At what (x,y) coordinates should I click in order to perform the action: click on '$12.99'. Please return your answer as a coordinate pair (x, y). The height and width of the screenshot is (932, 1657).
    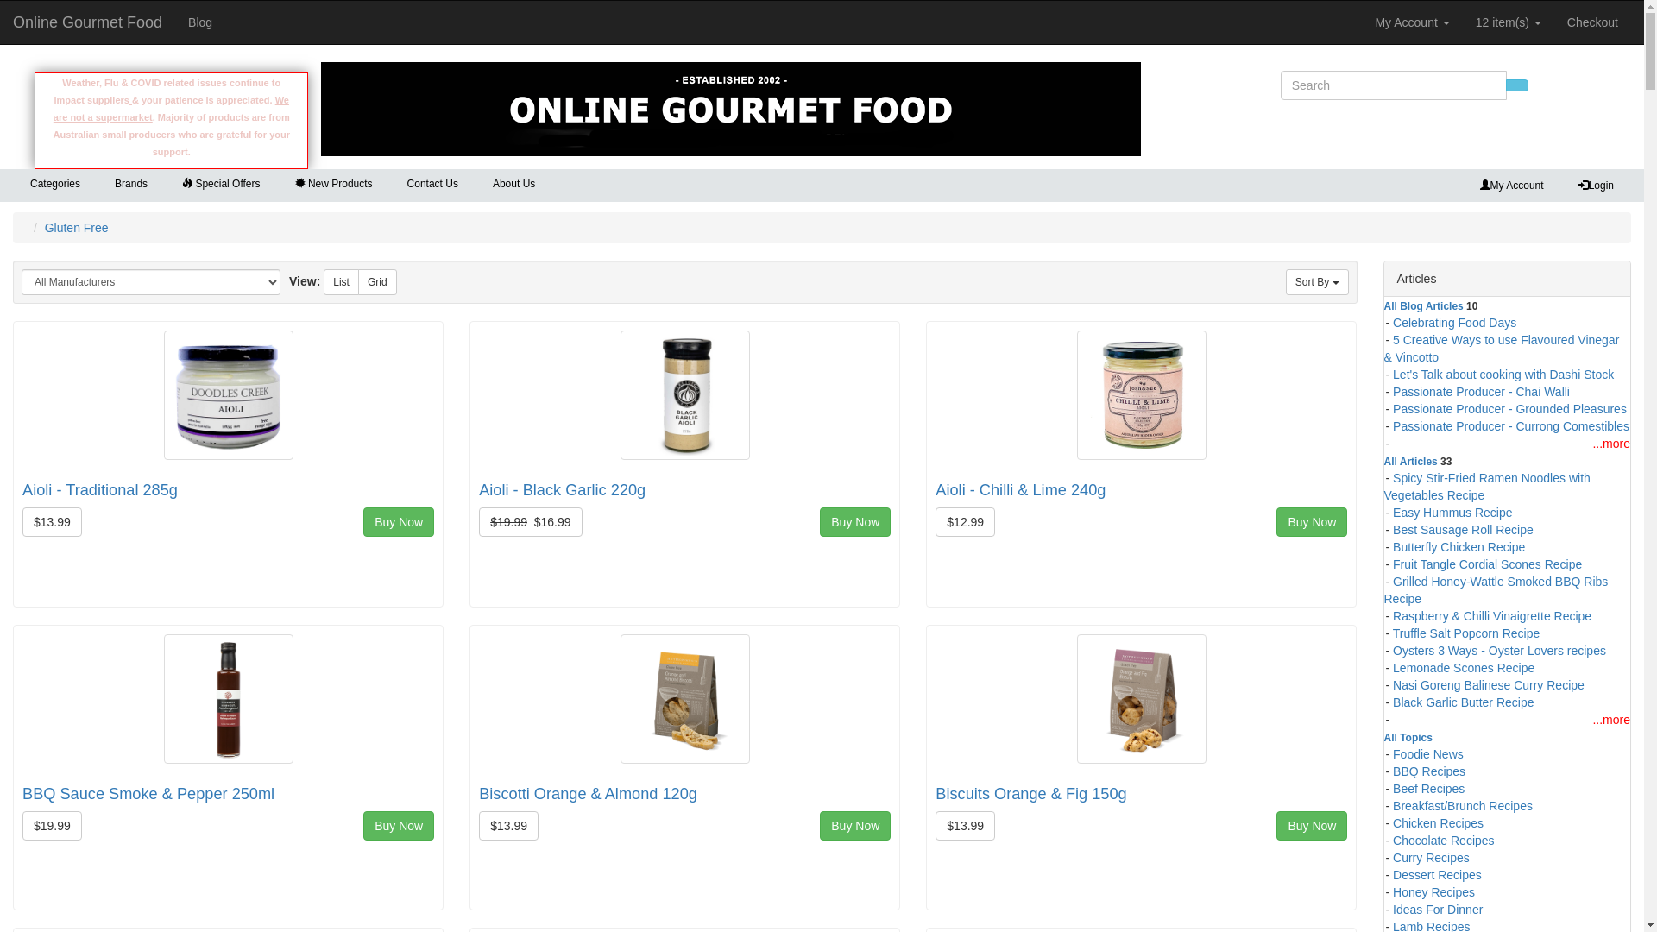
    Looking at the image, I should click on (964, 521).